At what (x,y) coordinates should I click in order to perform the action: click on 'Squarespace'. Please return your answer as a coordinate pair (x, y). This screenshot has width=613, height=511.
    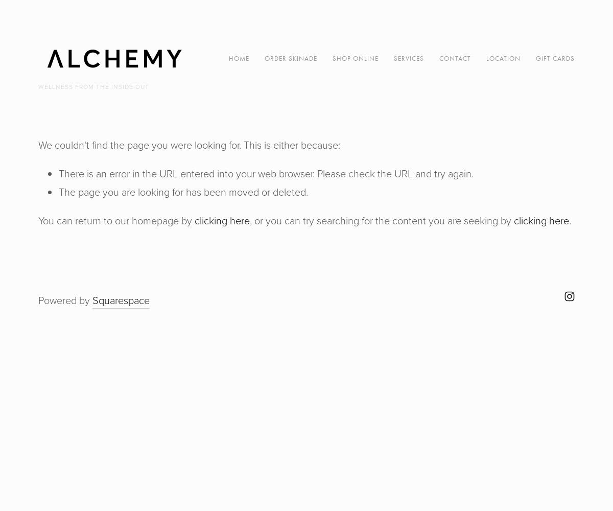
    Looking at the image, I should click on (121, 300).